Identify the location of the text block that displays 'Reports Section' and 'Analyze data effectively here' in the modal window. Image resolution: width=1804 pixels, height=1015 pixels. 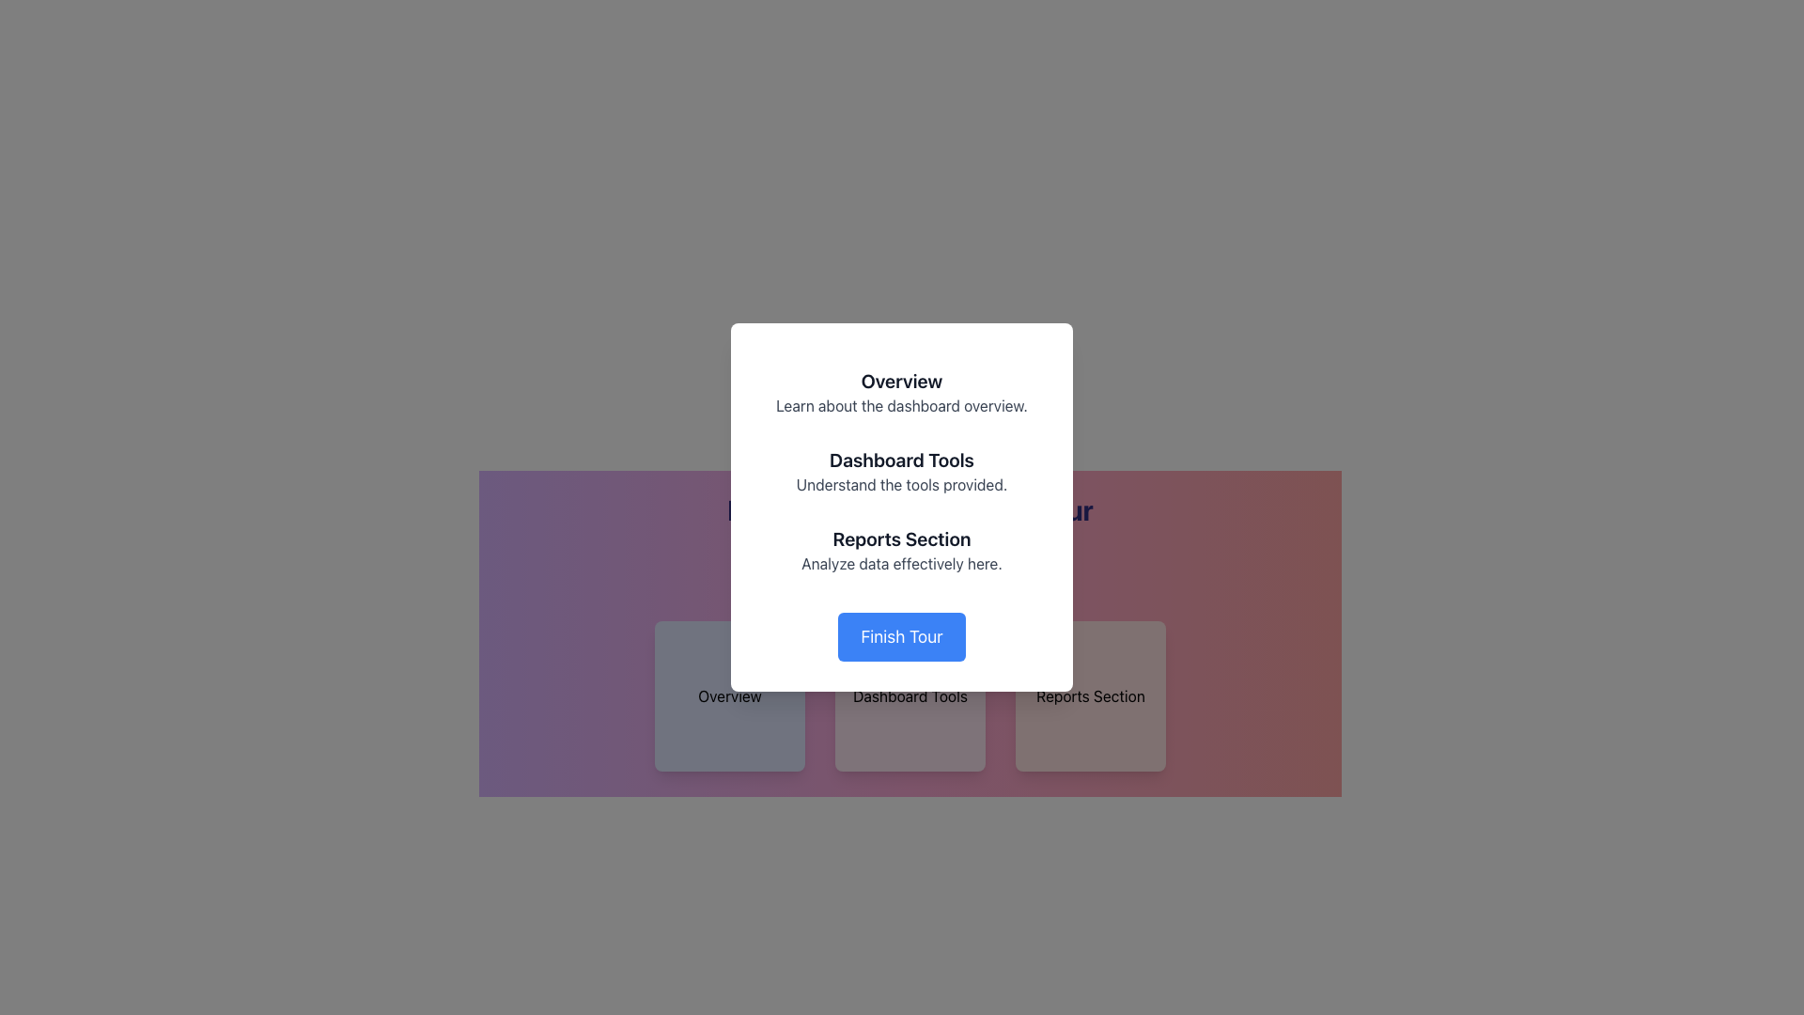
(910, 523).